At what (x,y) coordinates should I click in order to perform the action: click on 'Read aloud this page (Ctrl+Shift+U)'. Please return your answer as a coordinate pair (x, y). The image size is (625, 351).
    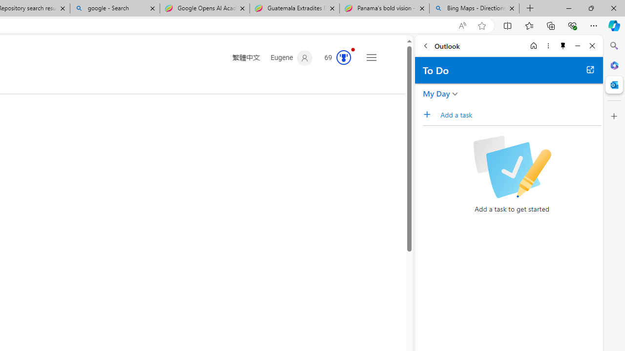
    Looking at the image, I should click on (461, 25).